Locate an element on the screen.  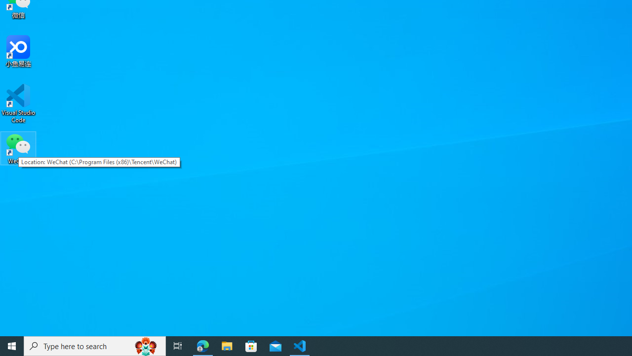
'Type here to search' is located at coordinates (95, 345).